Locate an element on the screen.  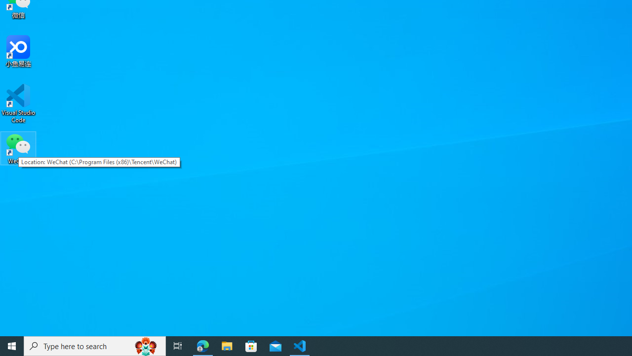
'Type here to search' is located at coordinates (95, 345).